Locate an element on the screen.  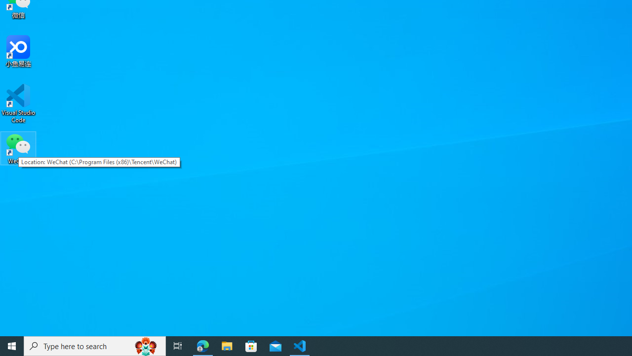
'Type here to search' is located at coordinates (95, 345).